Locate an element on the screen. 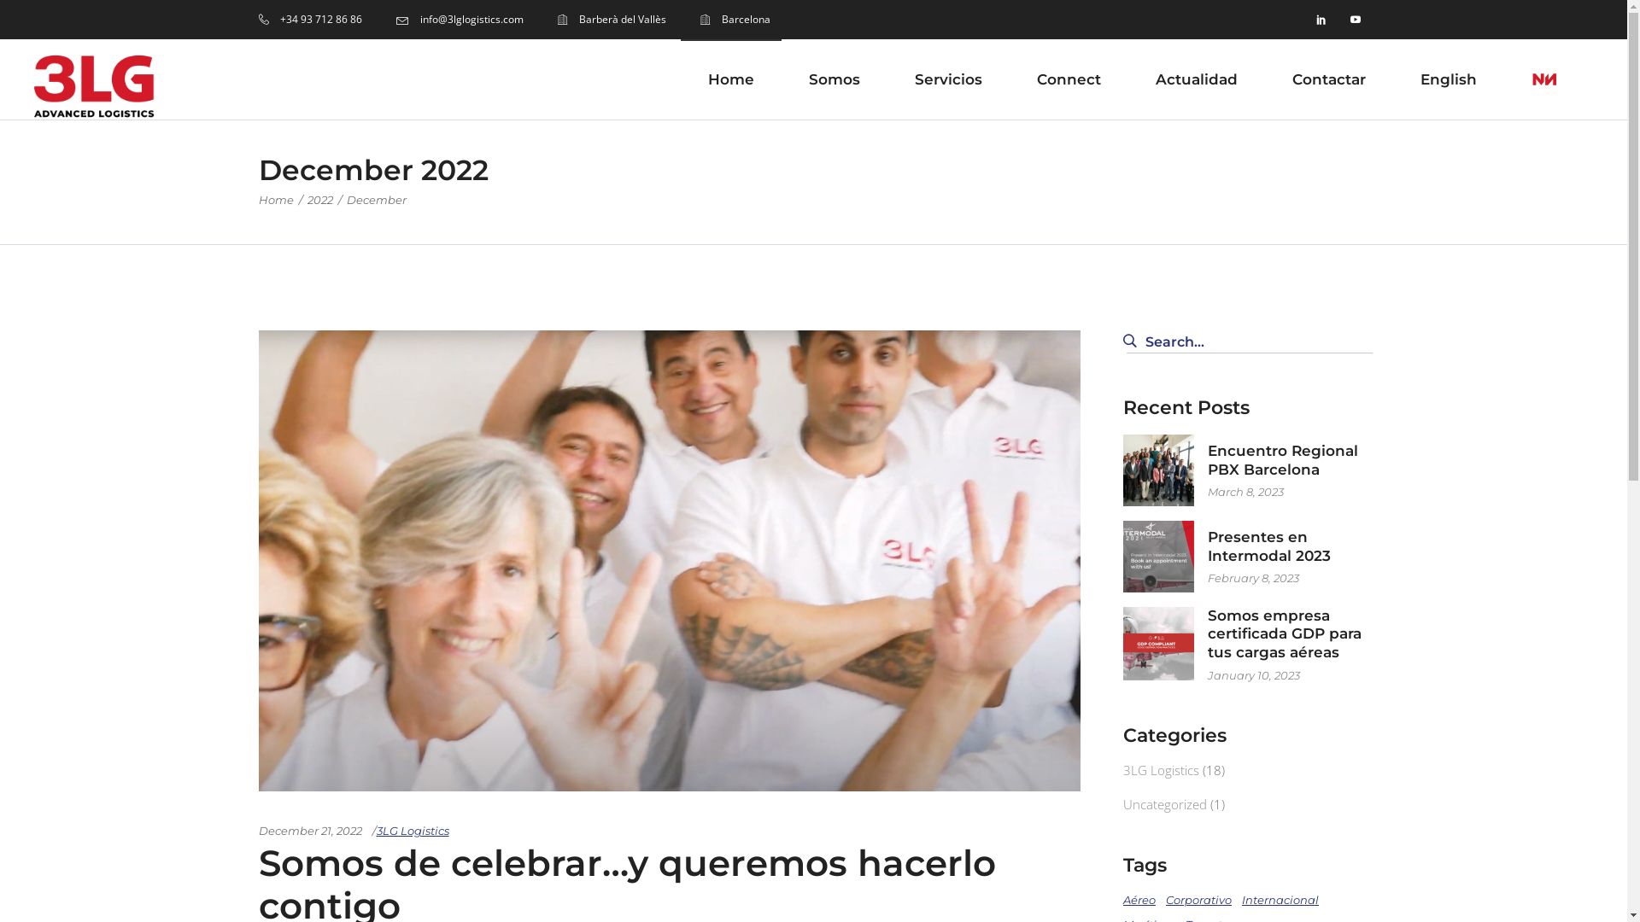 Image resolution: width=1640 pixels, height=922 pixels. '+34 93 712 86 86' is located at coordinates (309, 20).